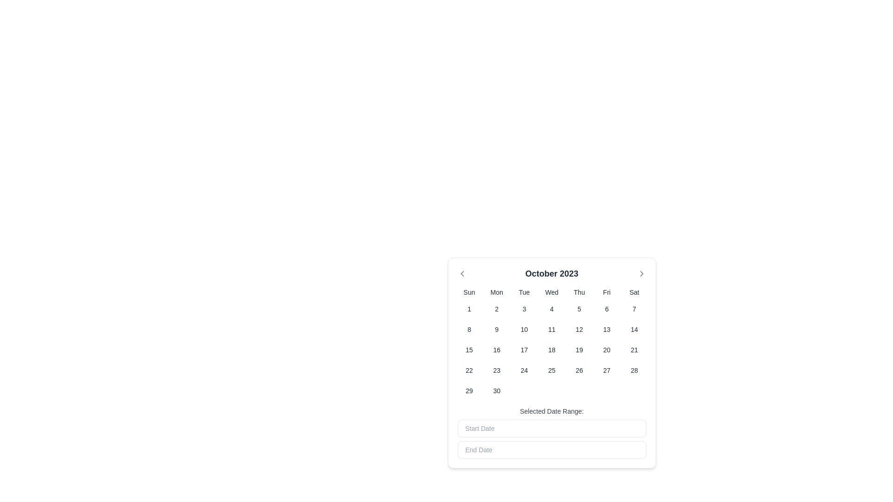  I want to click on the text label 'Tue' which is the third weekday label in the calendar header, positioned between 'Mon' and 'Wed', so click(524, 291).